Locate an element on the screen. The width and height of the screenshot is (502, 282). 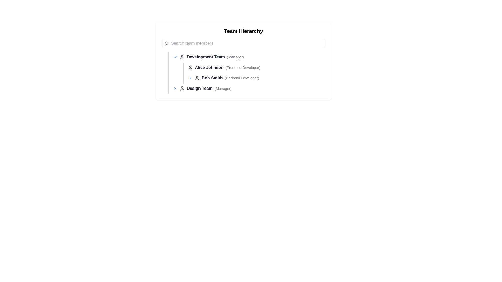
to select the 'Design Team' entry in the list under the 'Team Hierarchy' section is located at coordinates (248, 88).